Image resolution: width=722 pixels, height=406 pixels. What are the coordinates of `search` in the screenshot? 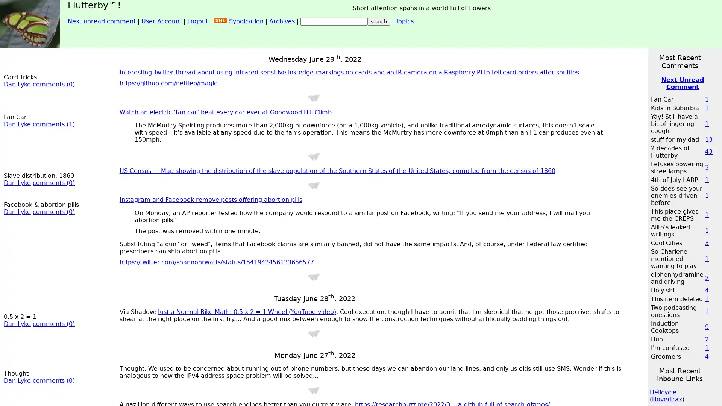 It's located at (379, 21).